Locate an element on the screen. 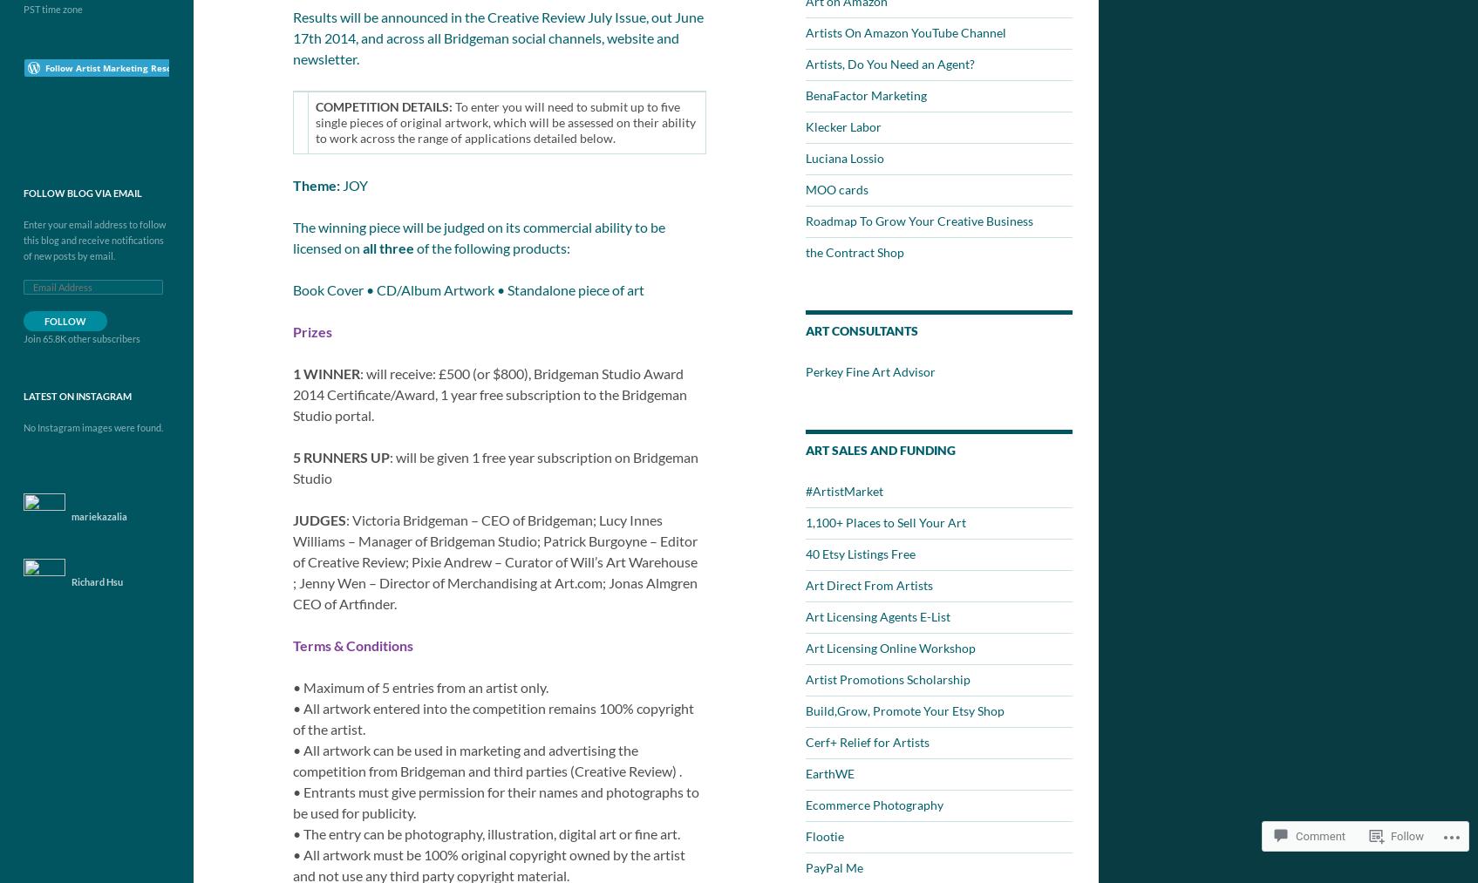  ': Victoria Bridgeman – CEO of Bridgeman; Lucy Innes Williams – Manager of Bridgeman Studio; Patrick Burgoyne – Editor of Creative Review; Pixie Andrew – Curator of Will’s Art Warehouse ; Jenny Wen – Director of Merchandising at Art.com; Jonas Almgren CEO of Artfinder.' is located at coordinates (494, 560).